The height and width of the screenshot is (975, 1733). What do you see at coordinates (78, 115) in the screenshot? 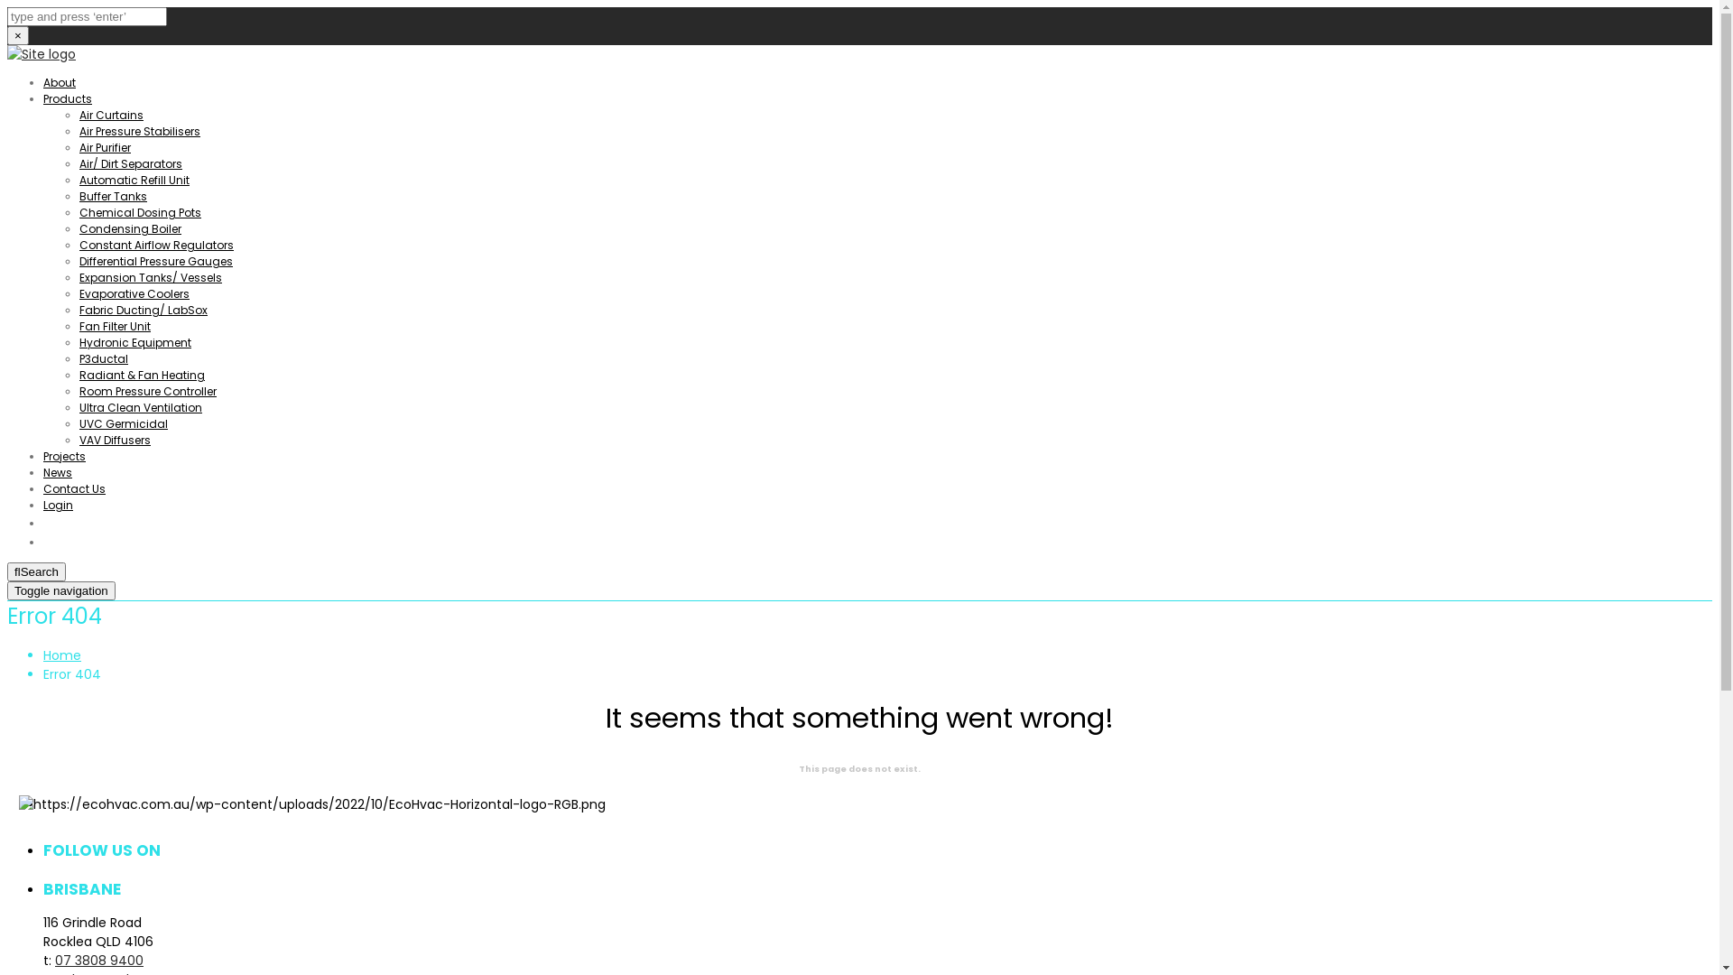
I see `'Air Curtains'` at bounding box center [78, 115].